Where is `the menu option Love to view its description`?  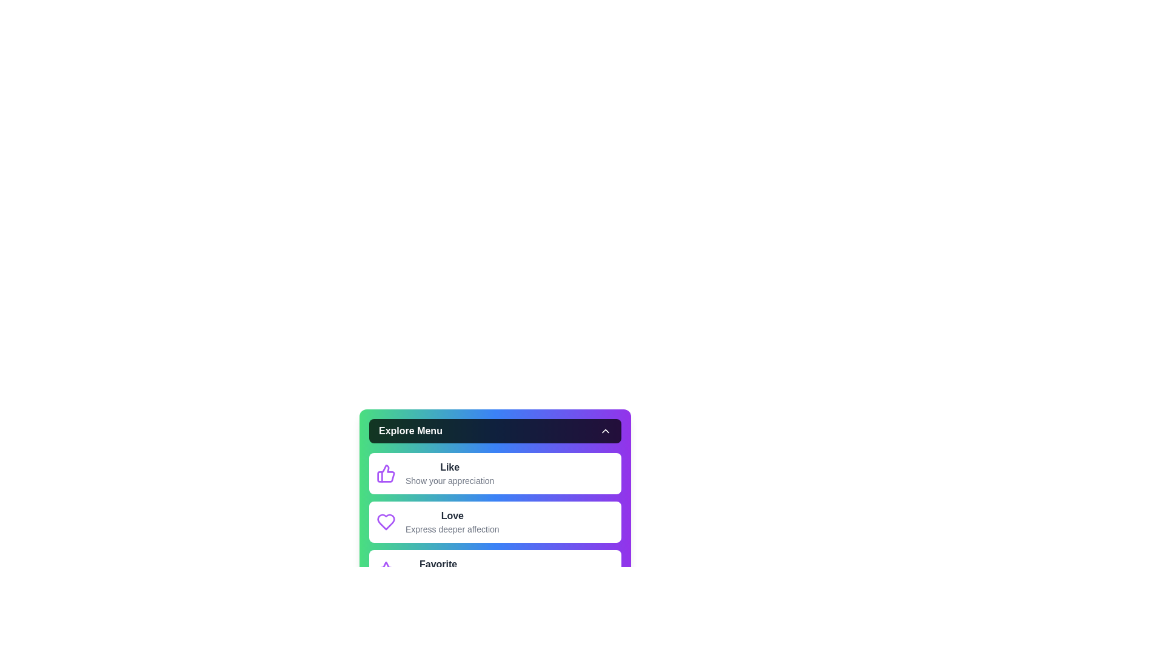 the menu option Love to view its description is located at coordinates (495, 521).